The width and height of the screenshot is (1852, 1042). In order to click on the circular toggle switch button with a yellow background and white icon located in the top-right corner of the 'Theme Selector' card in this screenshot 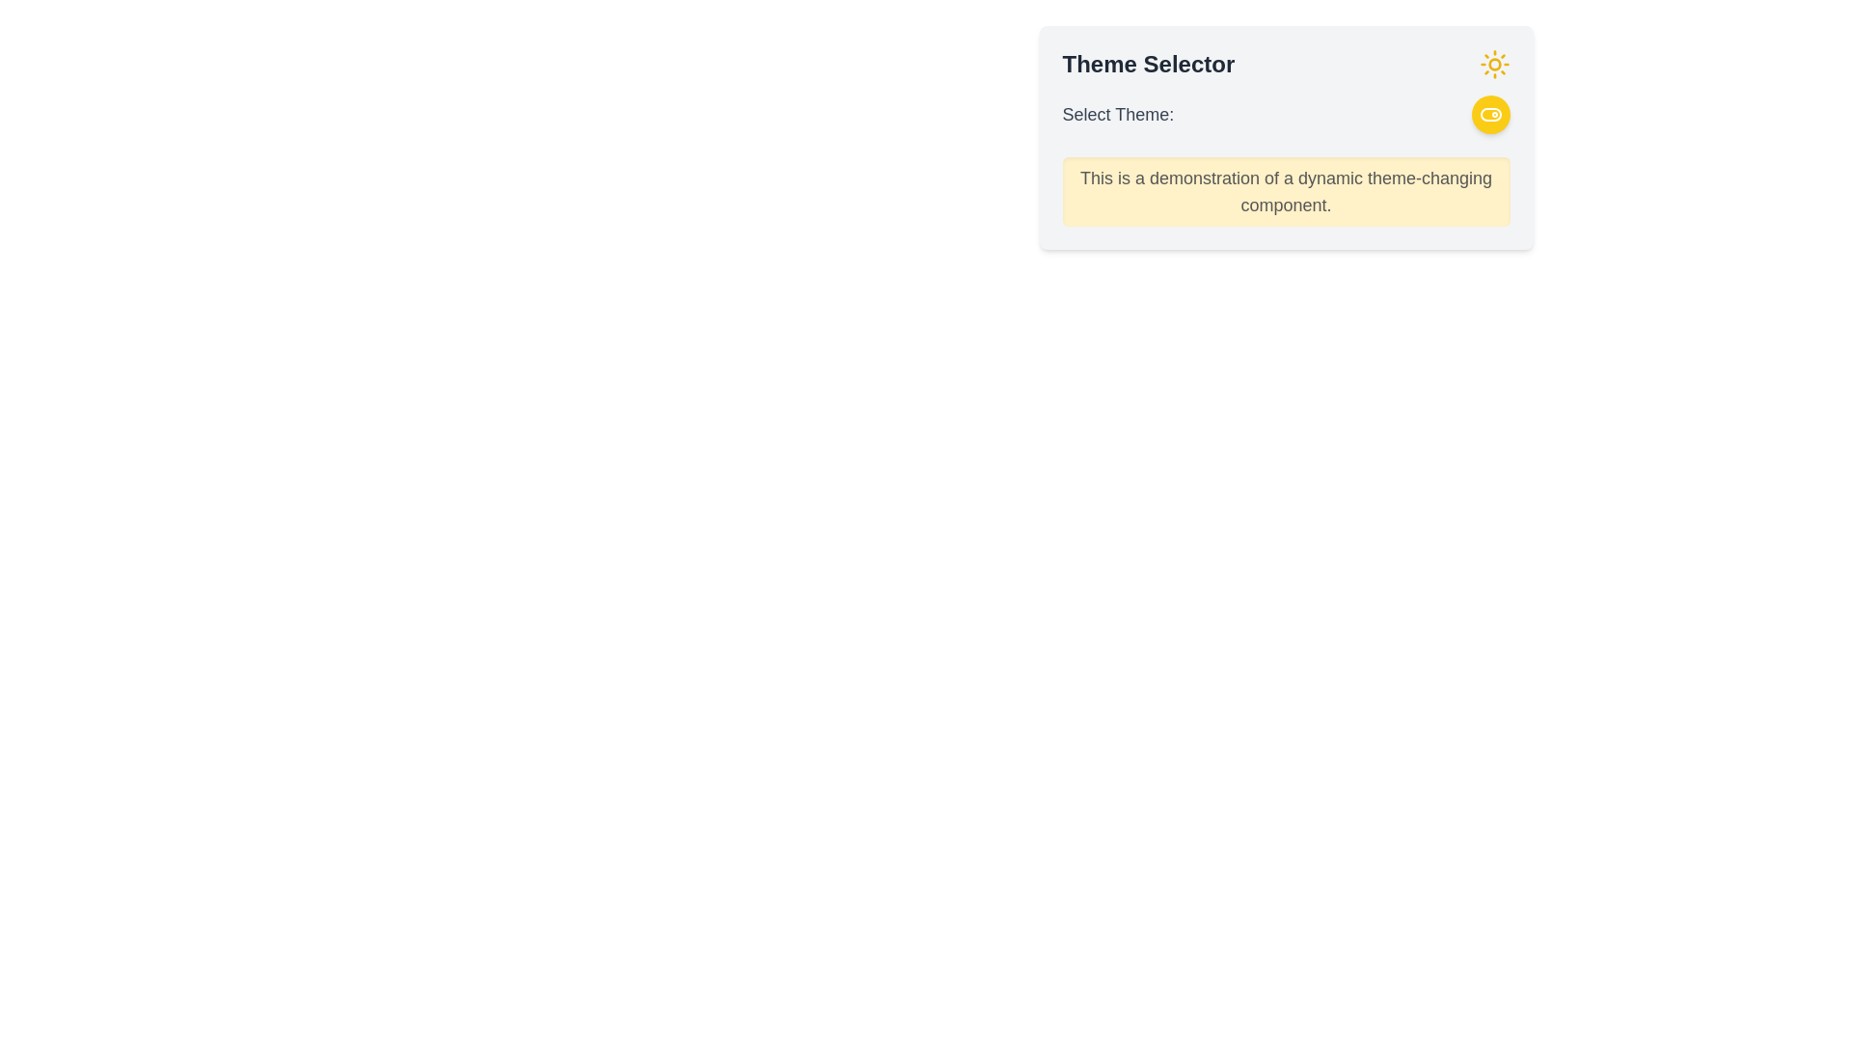, I will do `click(1489, 115)`.